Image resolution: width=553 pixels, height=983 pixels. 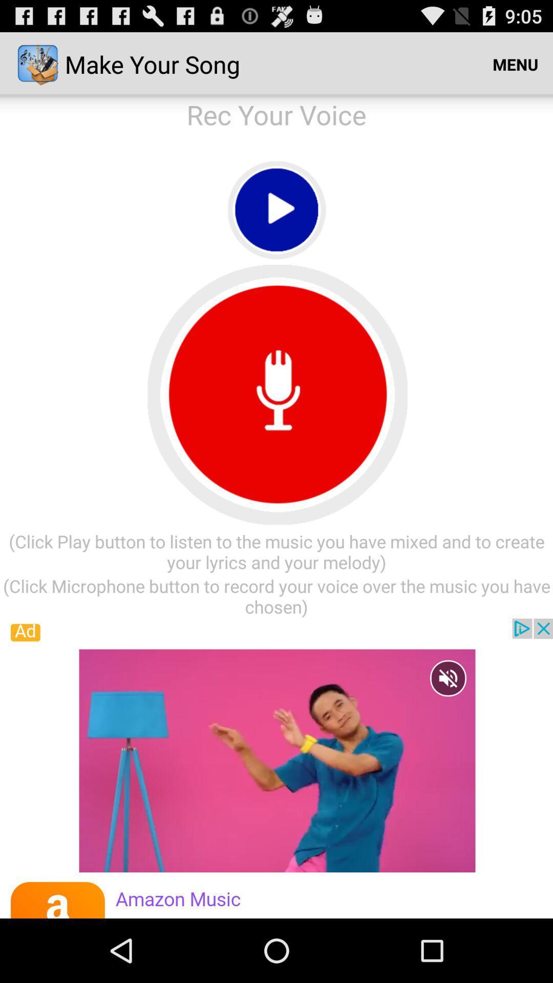 What do you see at coordinates (275, 224) in the screenshot?
I see `the play icon` at bounding box center [275, 224].